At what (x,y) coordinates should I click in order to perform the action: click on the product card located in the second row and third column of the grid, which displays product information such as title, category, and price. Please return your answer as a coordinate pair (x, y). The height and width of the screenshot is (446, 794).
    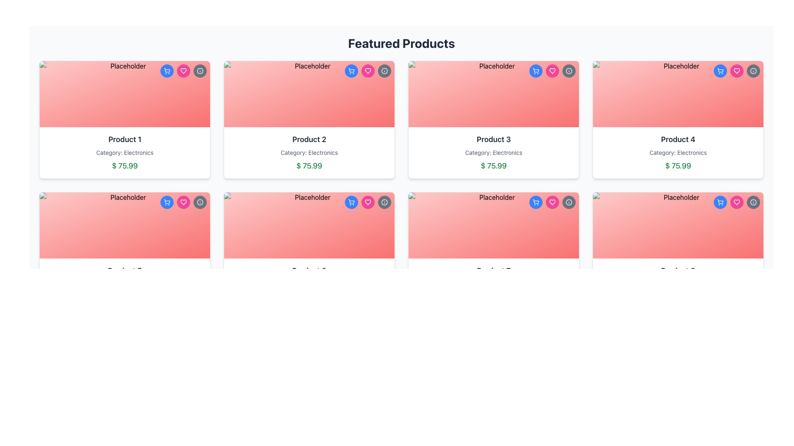
    Looking at the image, I should click on (494, 251).